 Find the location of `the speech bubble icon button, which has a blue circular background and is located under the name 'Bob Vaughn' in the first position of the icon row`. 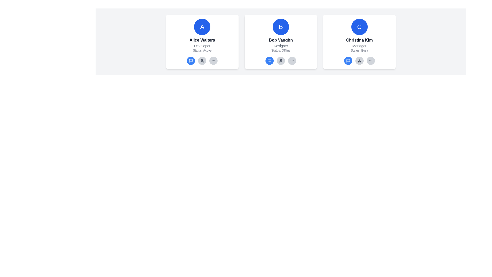

the speech bubble icon button, which has a blue circular background and is located under the name 'Bob Vaughn' in the first position of the icon row is located at coordinates (269, 60).